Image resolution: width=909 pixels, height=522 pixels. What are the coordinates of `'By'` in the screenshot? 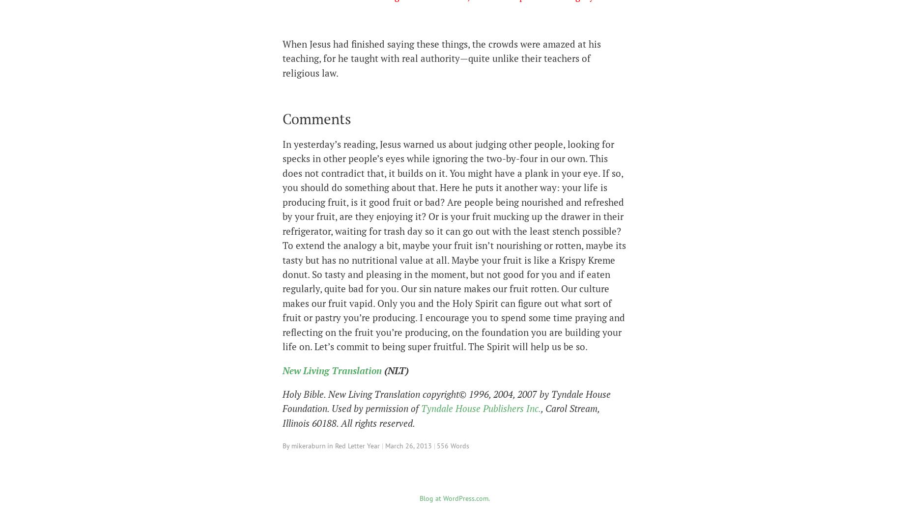 It's located at (287, 445).